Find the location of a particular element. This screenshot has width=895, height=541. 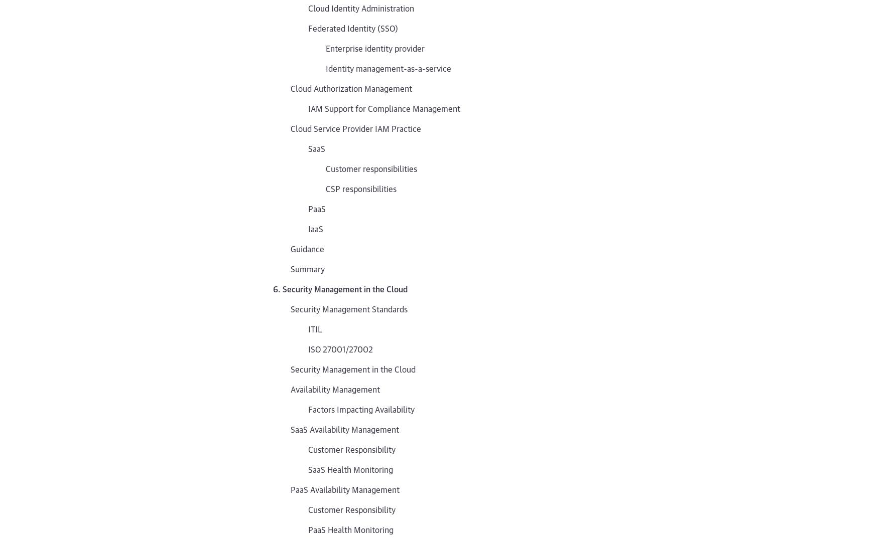

'Guidance' is located at coordinates (307, 248).